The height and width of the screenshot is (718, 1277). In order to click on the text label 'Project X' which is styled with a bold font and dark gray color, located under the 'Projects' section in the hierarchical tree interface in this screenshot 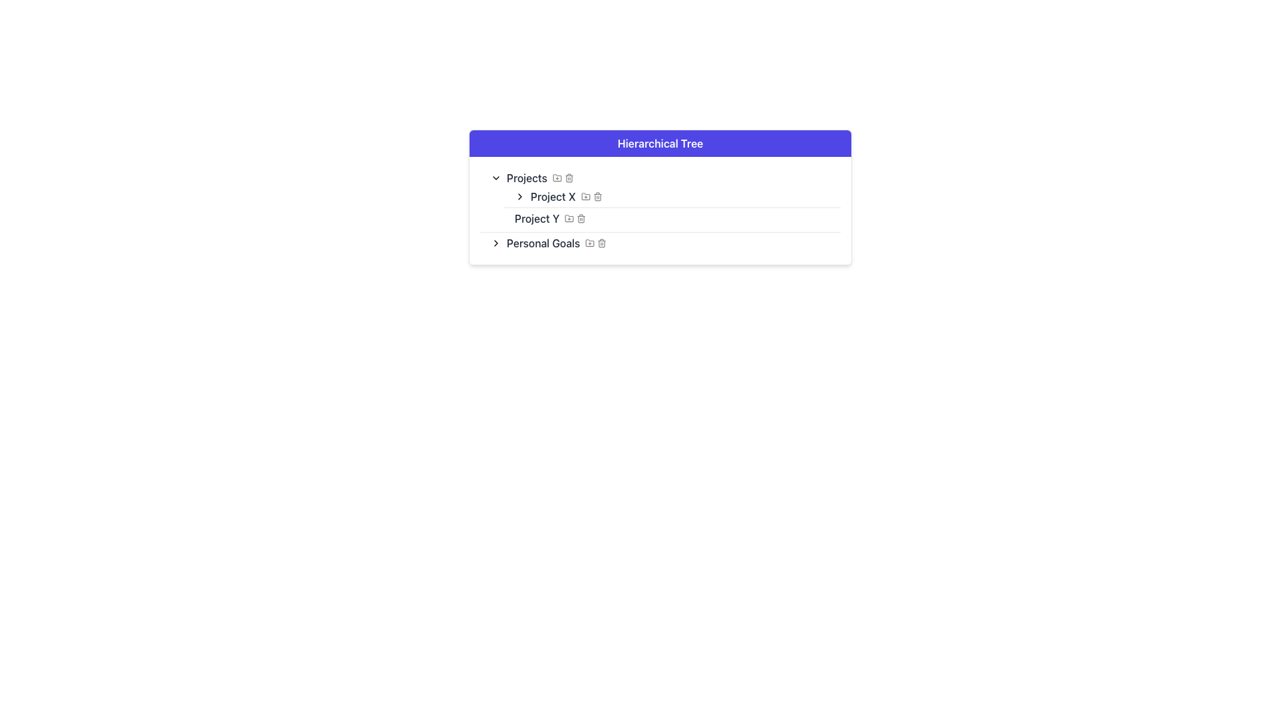, I will do `click(553, 197)`.